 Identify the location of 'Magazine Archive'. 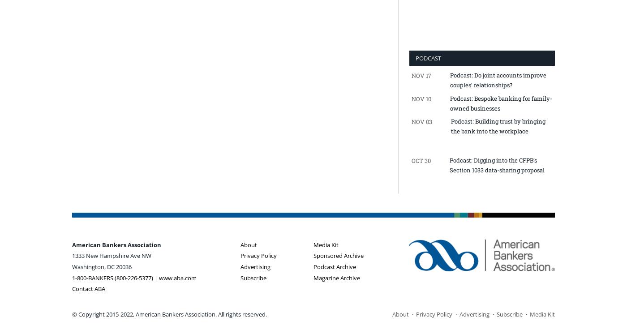
(313, 278).